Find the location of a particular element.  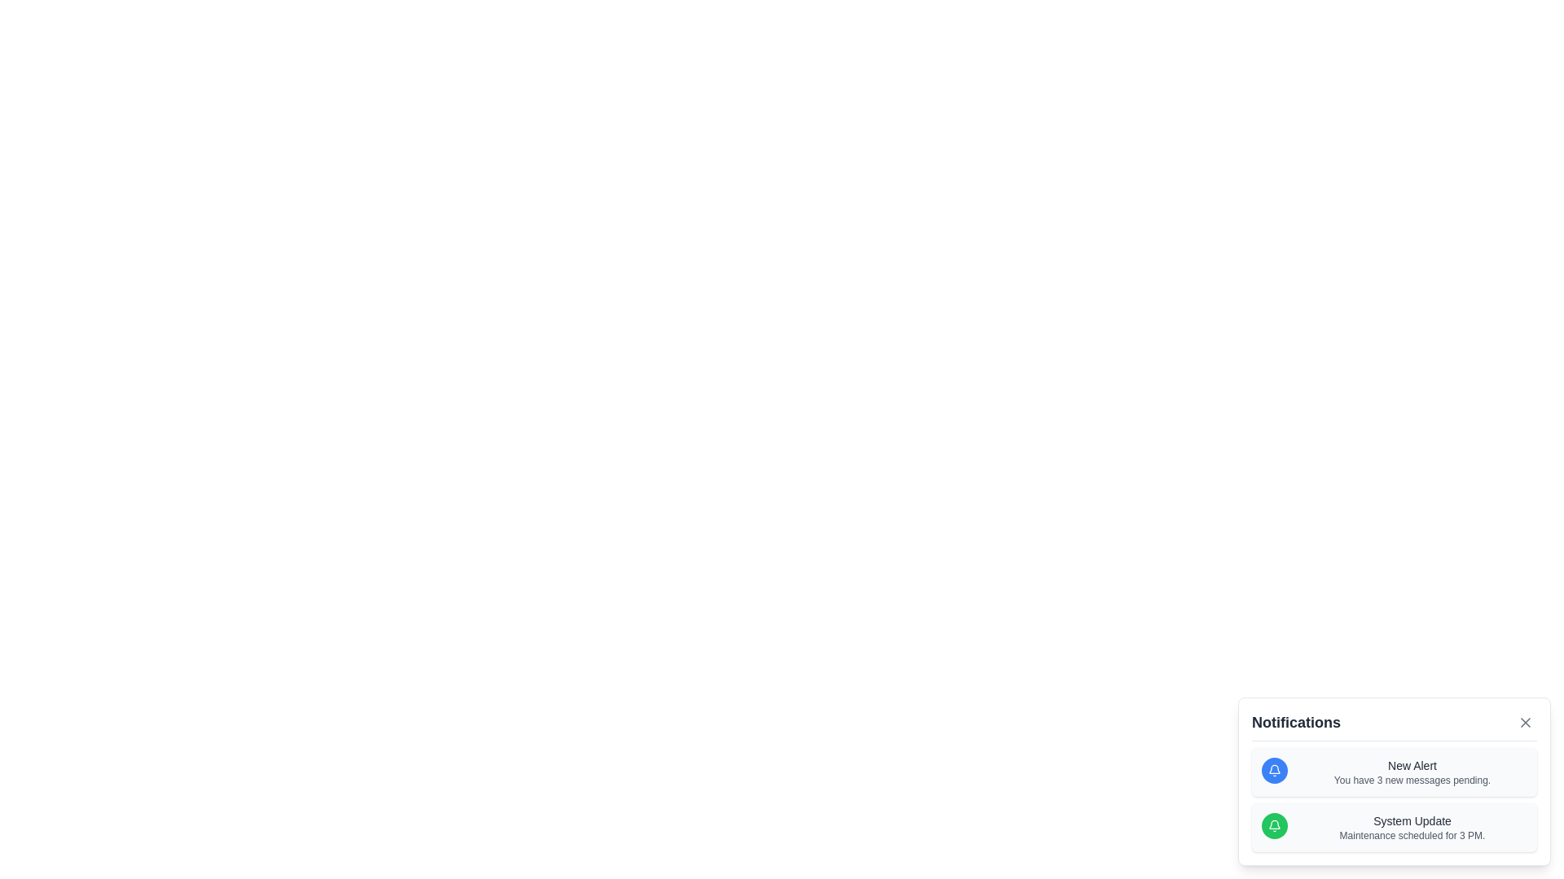

the circular blue notification icon with a white bell symbol, located in the upper-left corner of the 'New Alert' notification card is located at coordinates (1273, 770).